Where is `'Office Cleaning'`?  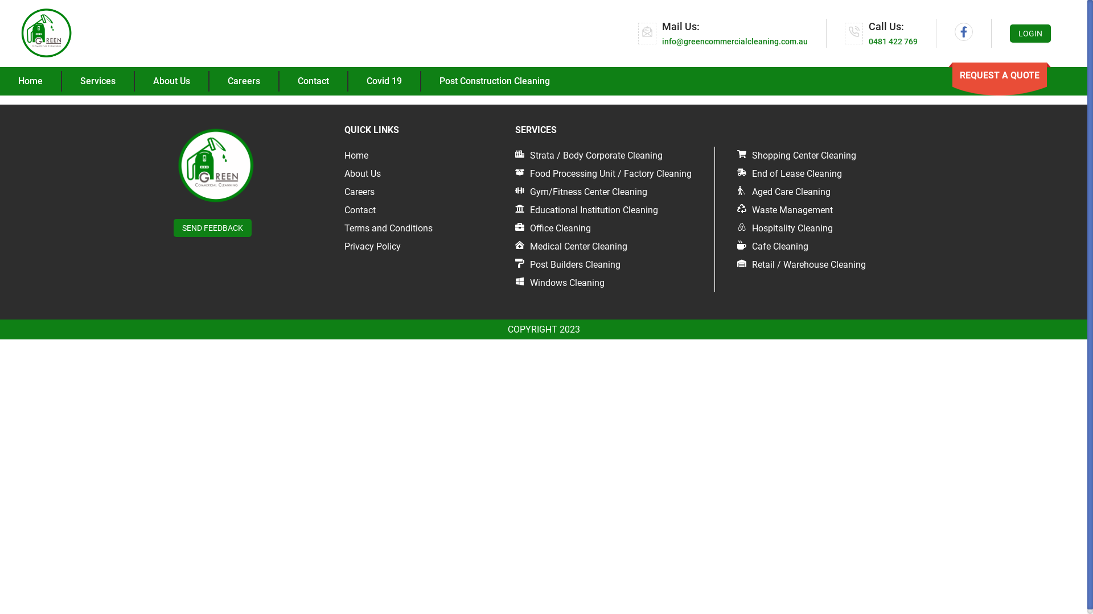
'Office Cleaning' is located at coordinates (553, 228).